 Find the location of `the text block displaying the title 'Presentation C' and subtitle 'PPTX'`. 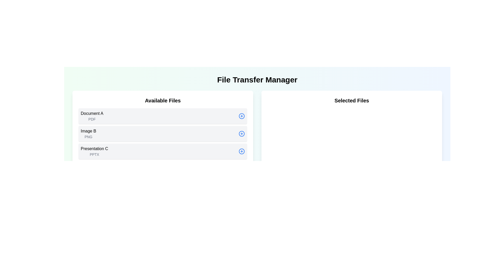

the text block displaying the title 'Presentation C' and subtitle 'PPTX' is located at coordinates (94, 151).